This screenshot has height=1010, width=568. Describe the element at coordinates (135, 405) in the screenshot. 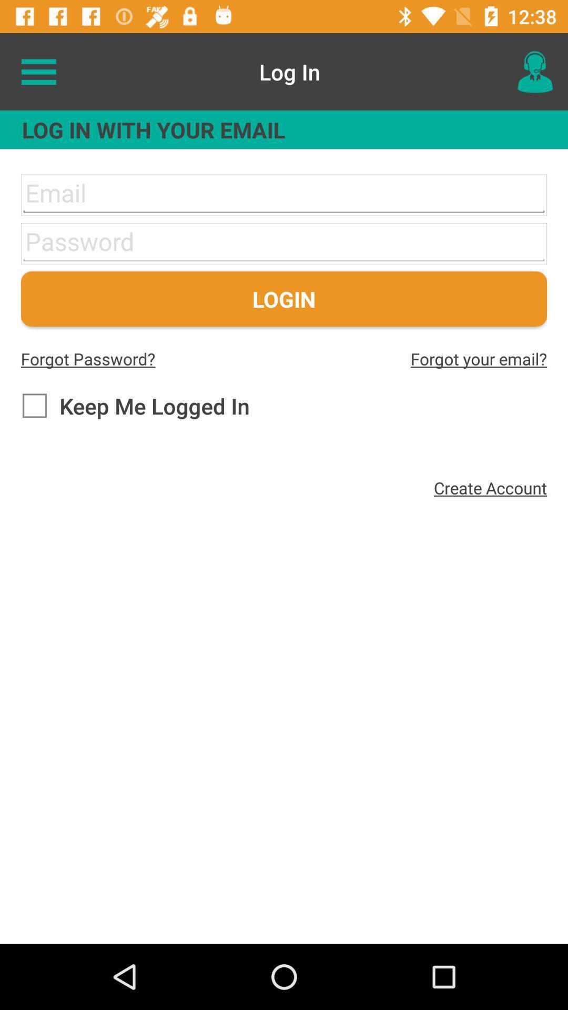

I see `the keep me logged icon` at that location.